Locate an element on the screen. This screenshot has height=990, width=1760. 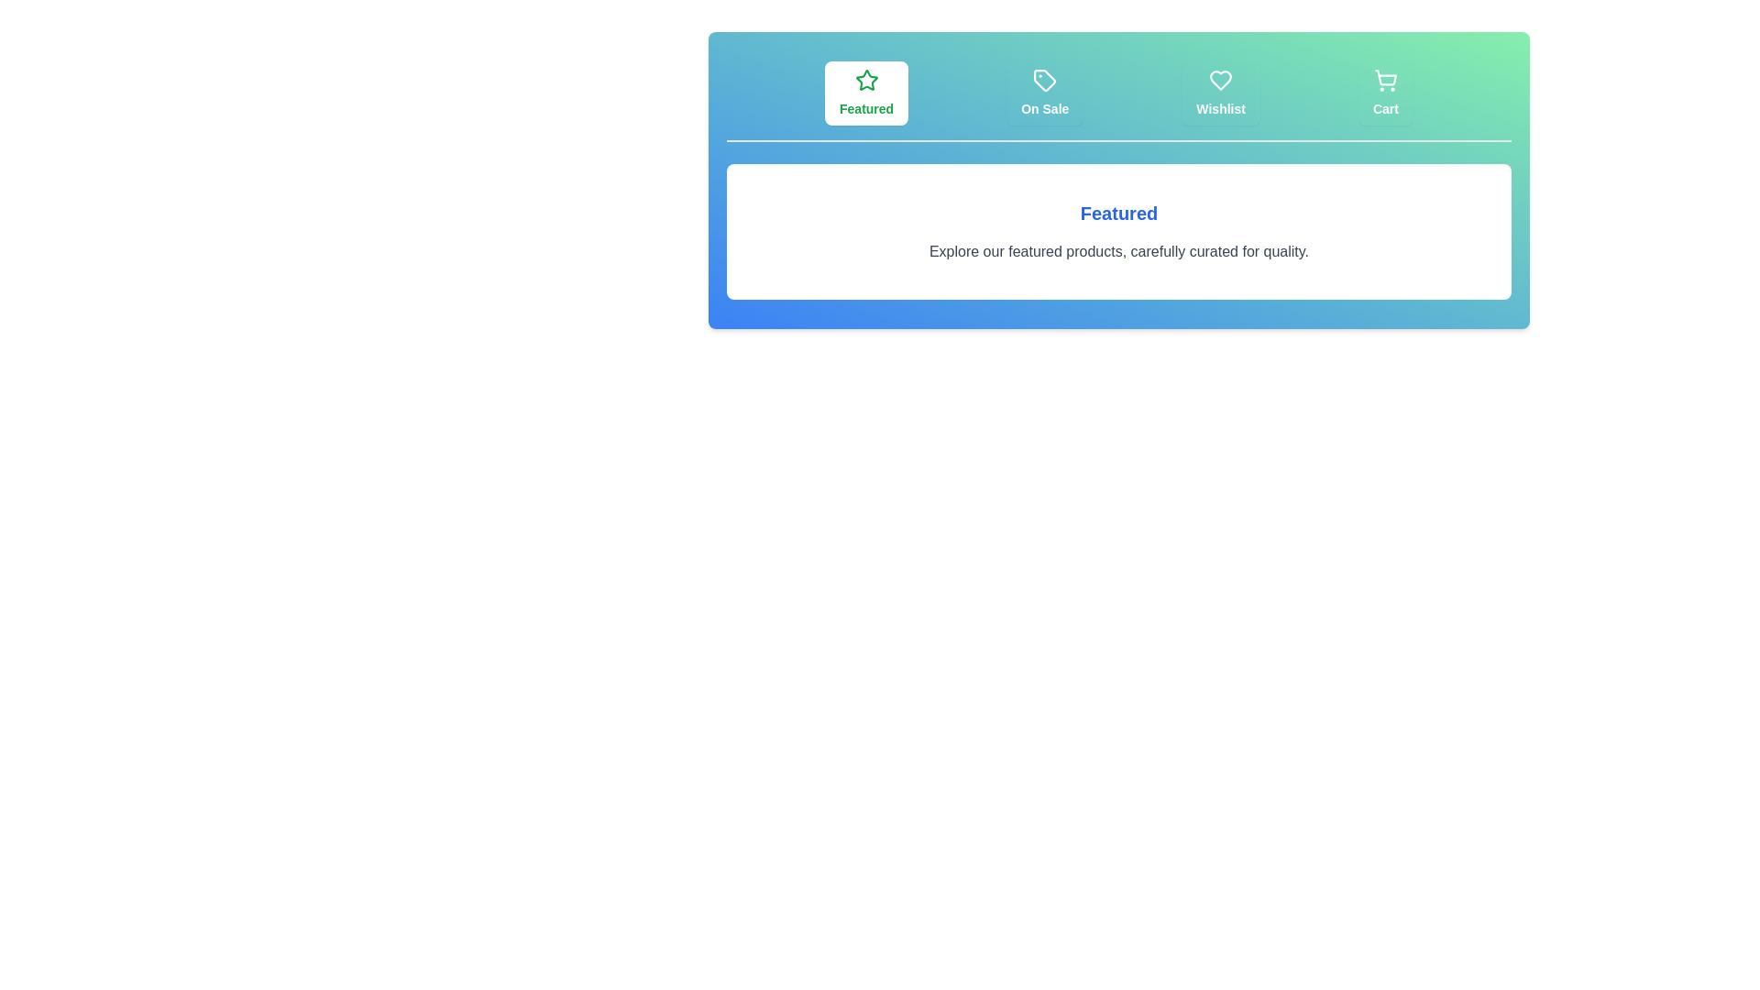
the tab labeled Wishlist to observe its hover effect is located at coordinates (1220, 93).